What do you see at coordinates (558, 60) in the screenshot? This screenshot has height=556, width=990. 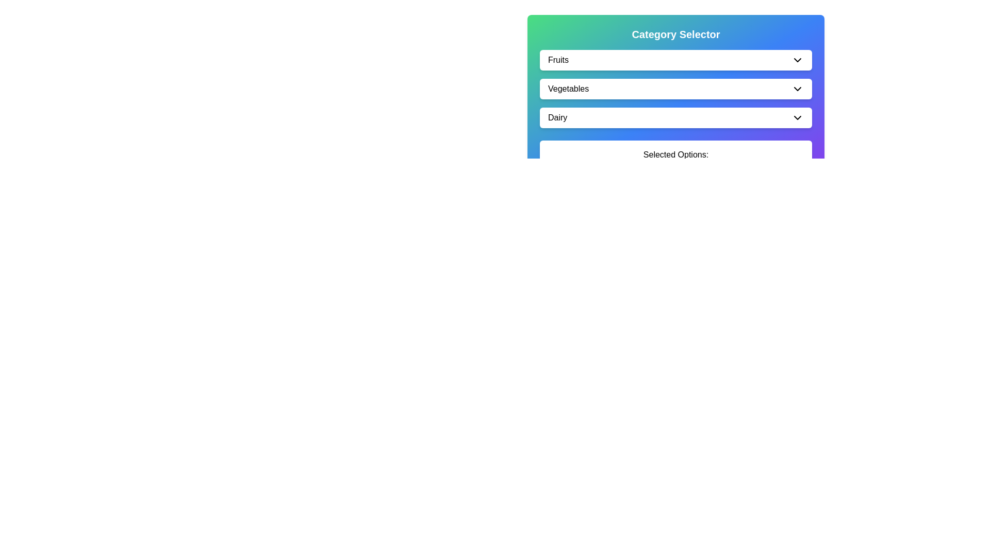 I see `the 'Fruits' label, which is bold, black, and aligned to the left within a horizontal layout, to possibly select or toggle the category` at bounding box center [558, 60].